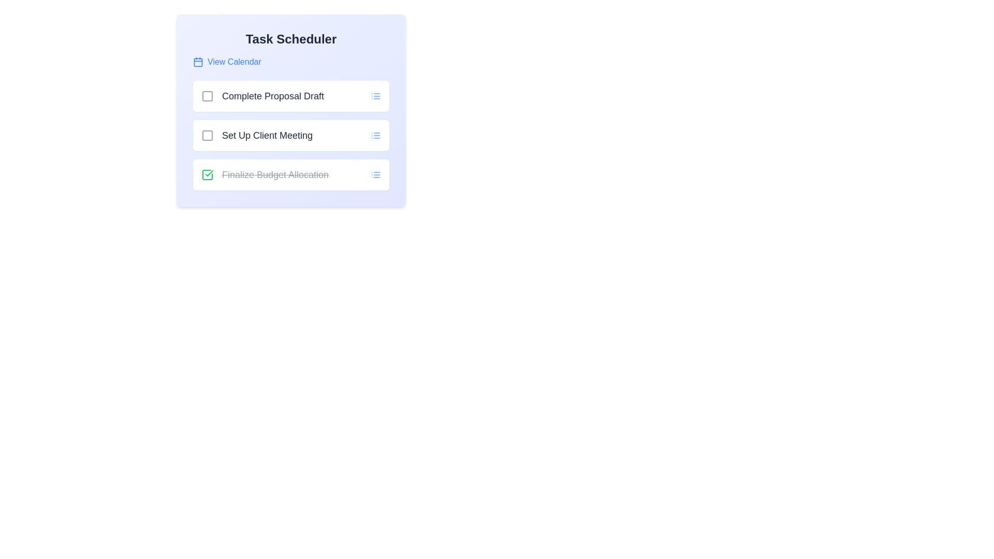 This screenshot has height=559, width=994. What do you see at coordinates (375, 96) in the screenshot?
I see `the 'More Options' icon for the task 'Complete Proposal Draft'` at bounding box center [375, 96].